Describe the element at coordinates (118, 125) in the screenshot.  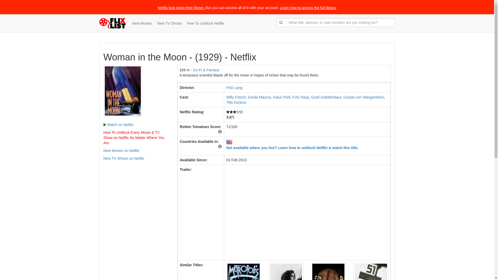
I see `'Watch on Netflix'` at that location.